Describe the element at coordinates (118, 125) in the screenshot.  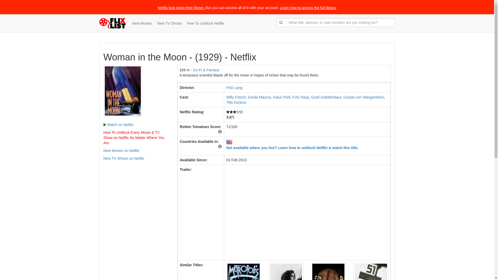
I see `'Watch on Netflix'` at that location.